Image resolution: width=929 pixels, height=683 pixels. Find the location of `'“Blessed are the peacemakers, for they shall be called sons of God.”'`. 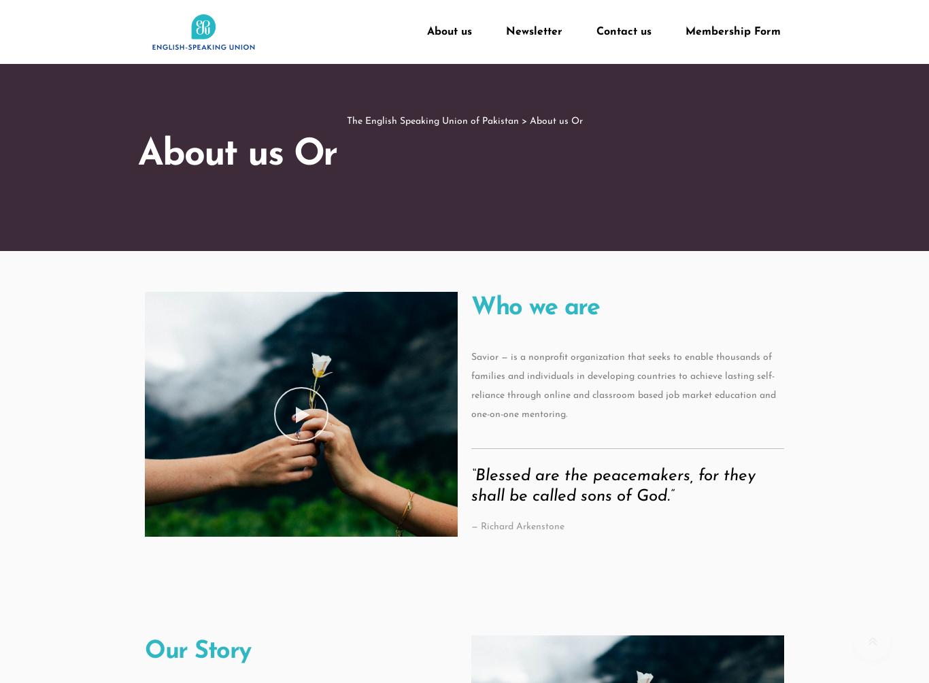

'“Blessed are the peacemakers, for they shall be called sons of God.”' is located at coordinates (612, 486).